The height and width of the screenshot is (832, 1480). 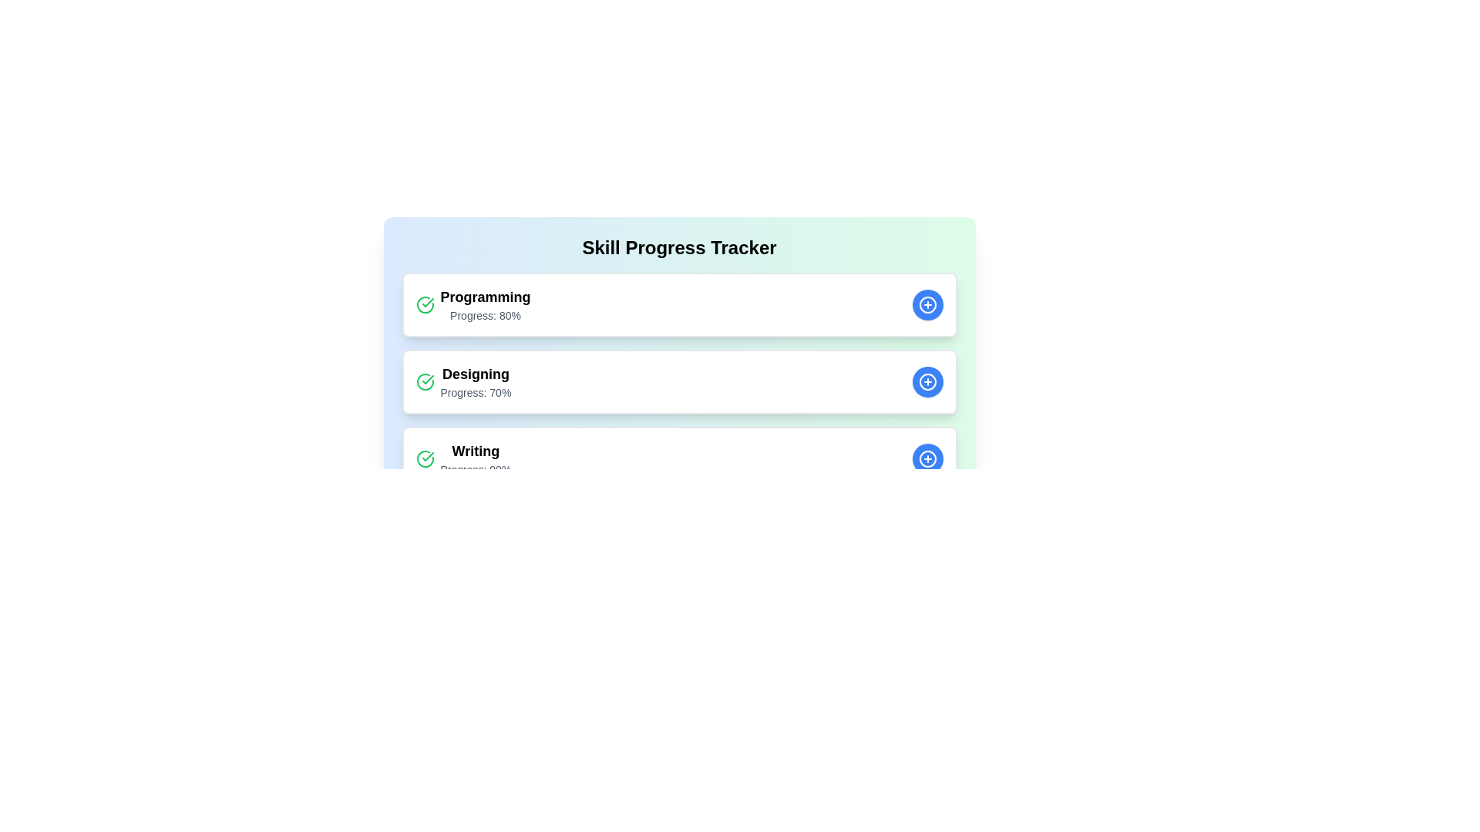 What do you see at coordinates (927, 381) in the screenshot?
I see `increment button for the skill Designing` at bounding box center [927, 381].